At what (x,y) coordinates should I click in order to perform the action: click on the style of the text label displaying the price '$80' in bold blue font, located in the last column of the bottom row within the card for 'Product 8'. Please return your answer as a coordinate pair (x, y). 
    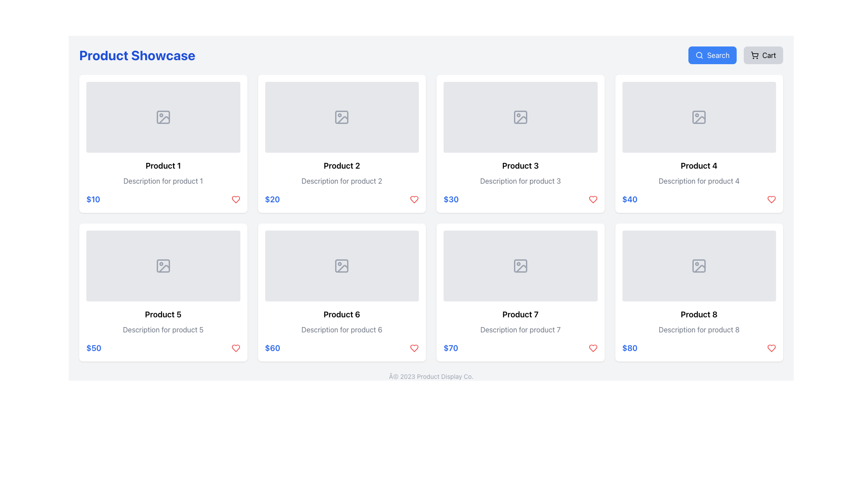
    Looking at the image, I should click on (629, 347).